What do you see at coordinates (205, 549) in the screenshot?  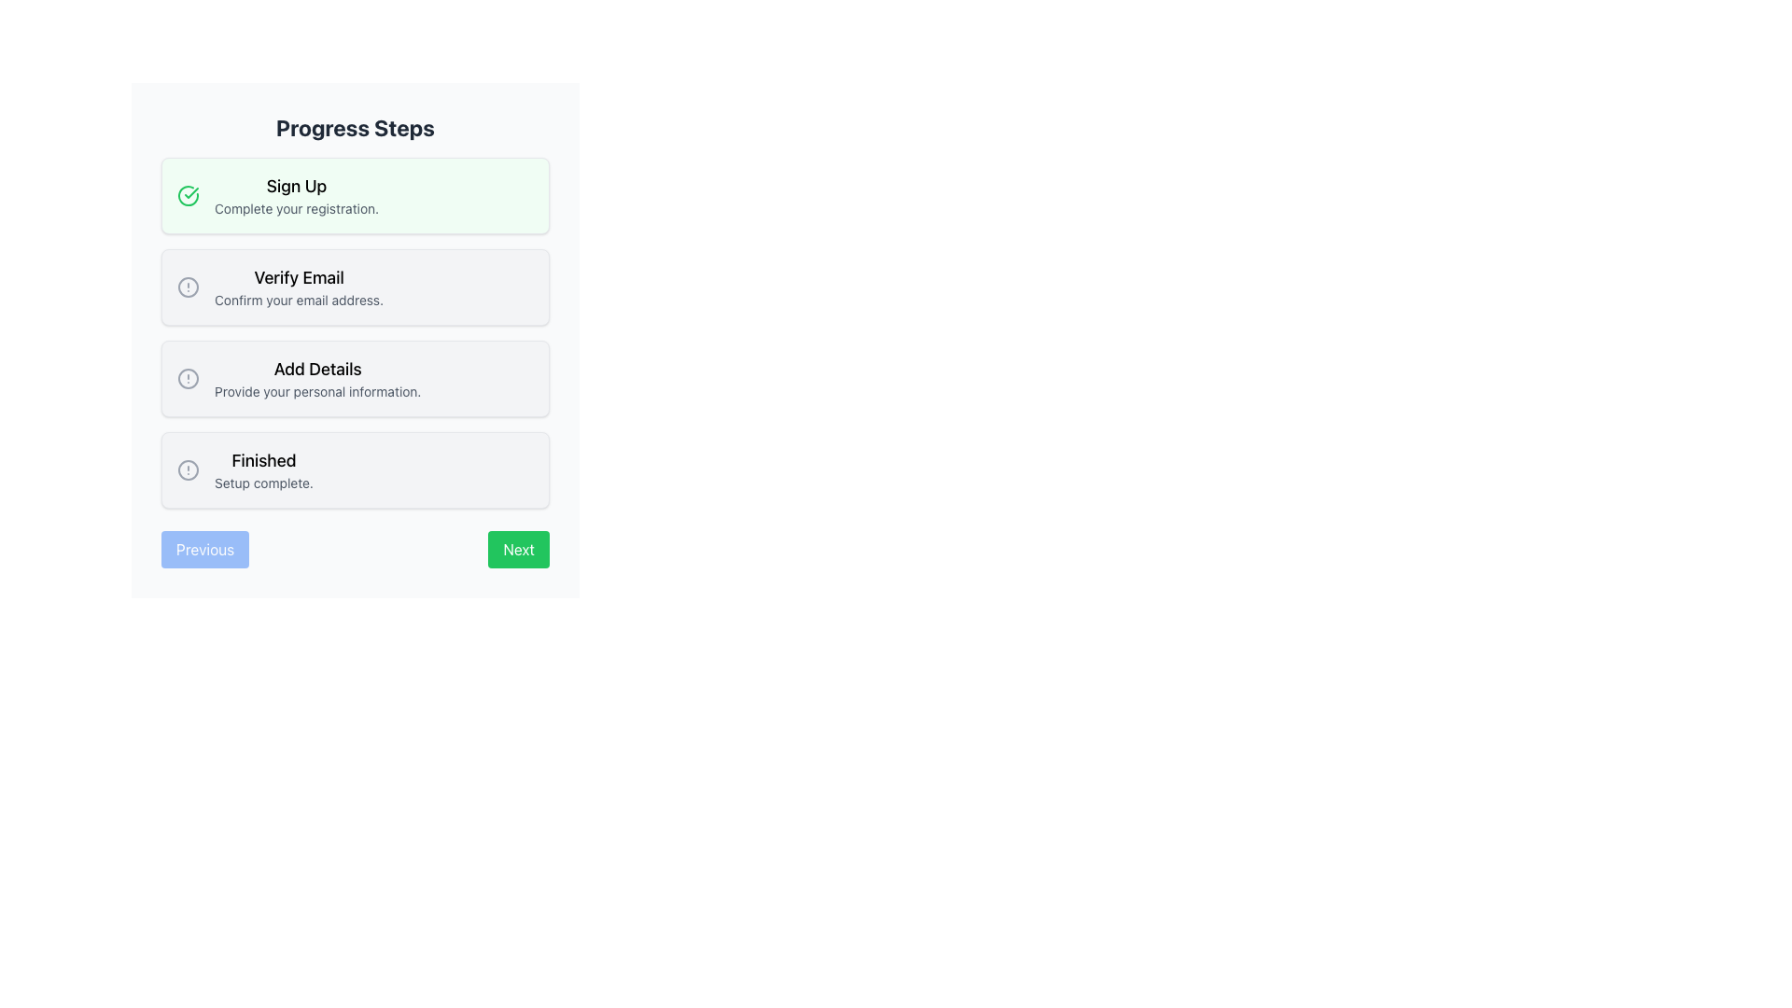 I see `the 'Previous' button with a light blue background and rounded border` at bounding box center [205, 549].